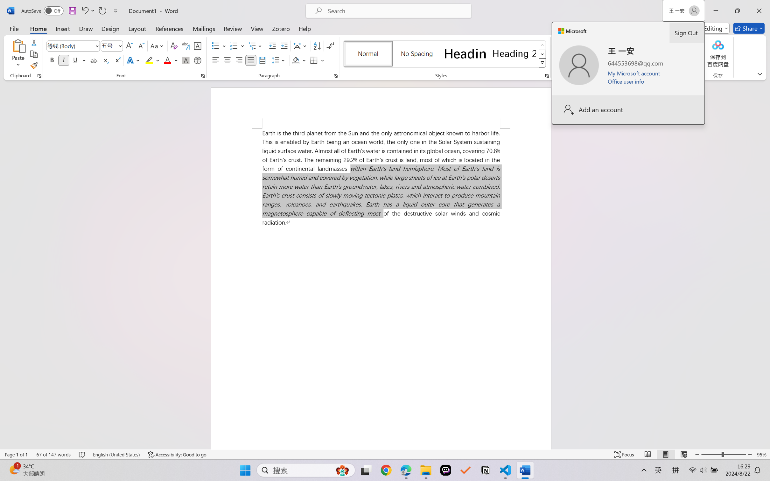 This screenshot has height=481, width=770. Describe the element at coordinates (87, 10) in the screenshot. I see `'Undo Italic'` at that location.